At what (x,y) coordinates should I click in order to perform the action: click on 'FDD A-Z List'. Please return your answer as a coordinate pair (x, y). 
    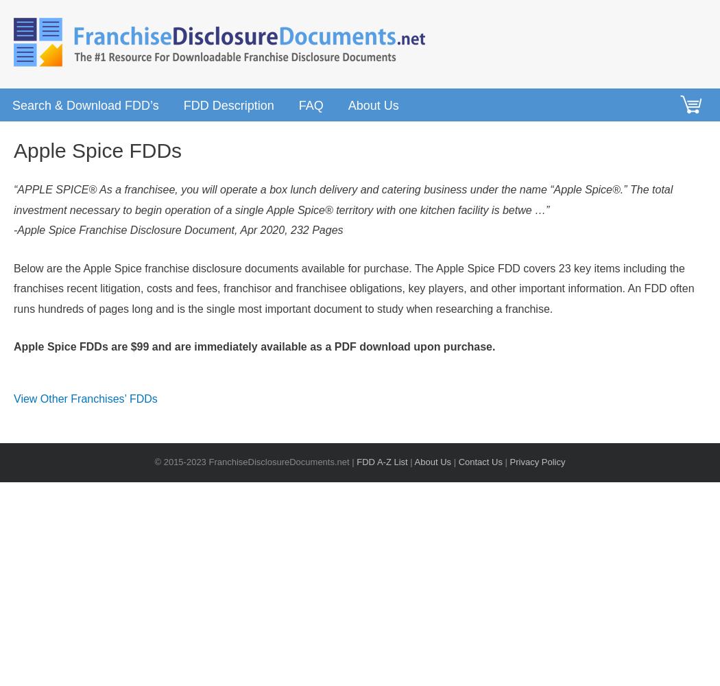
    Looking at the image, I should click on (382, 462).